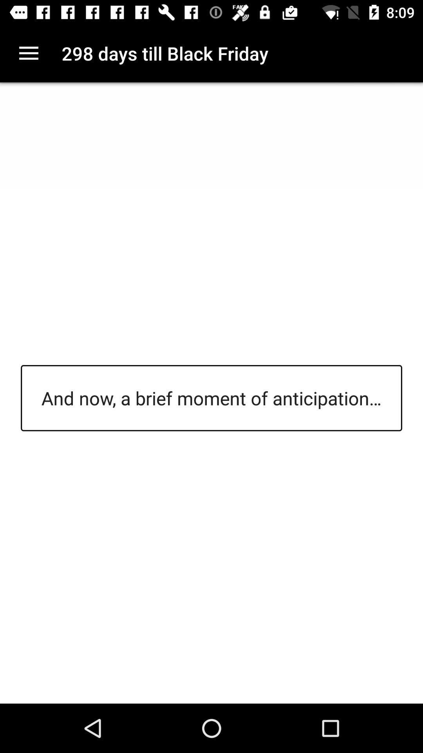 This screenshot has width=423, height=753. What do you see at coordinates (28, 53) in the screenshot?
I see `the icon at the top left corner` at bounding box center [28, 53].